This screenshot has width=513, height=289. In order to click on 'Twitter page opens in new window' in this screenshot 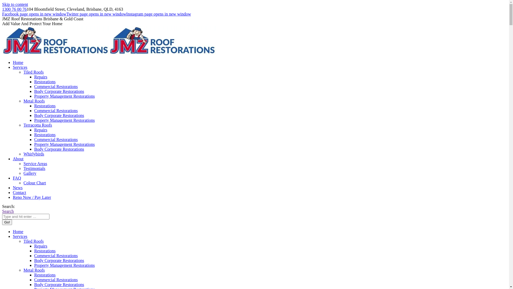, I will do `click(66, 14)`.